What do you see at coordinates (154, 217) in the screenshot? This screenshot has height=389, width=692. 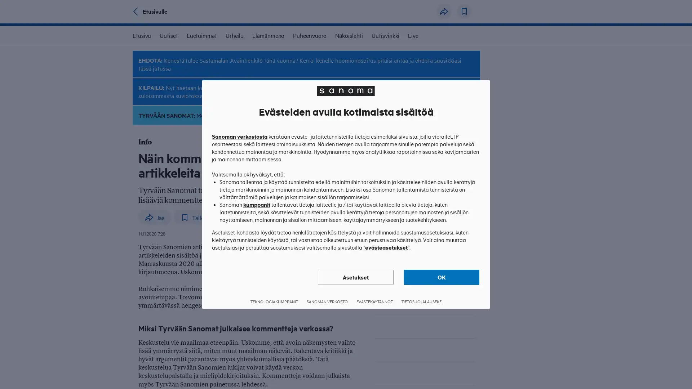 I see `Jaa` at bounding box center [154, 217].